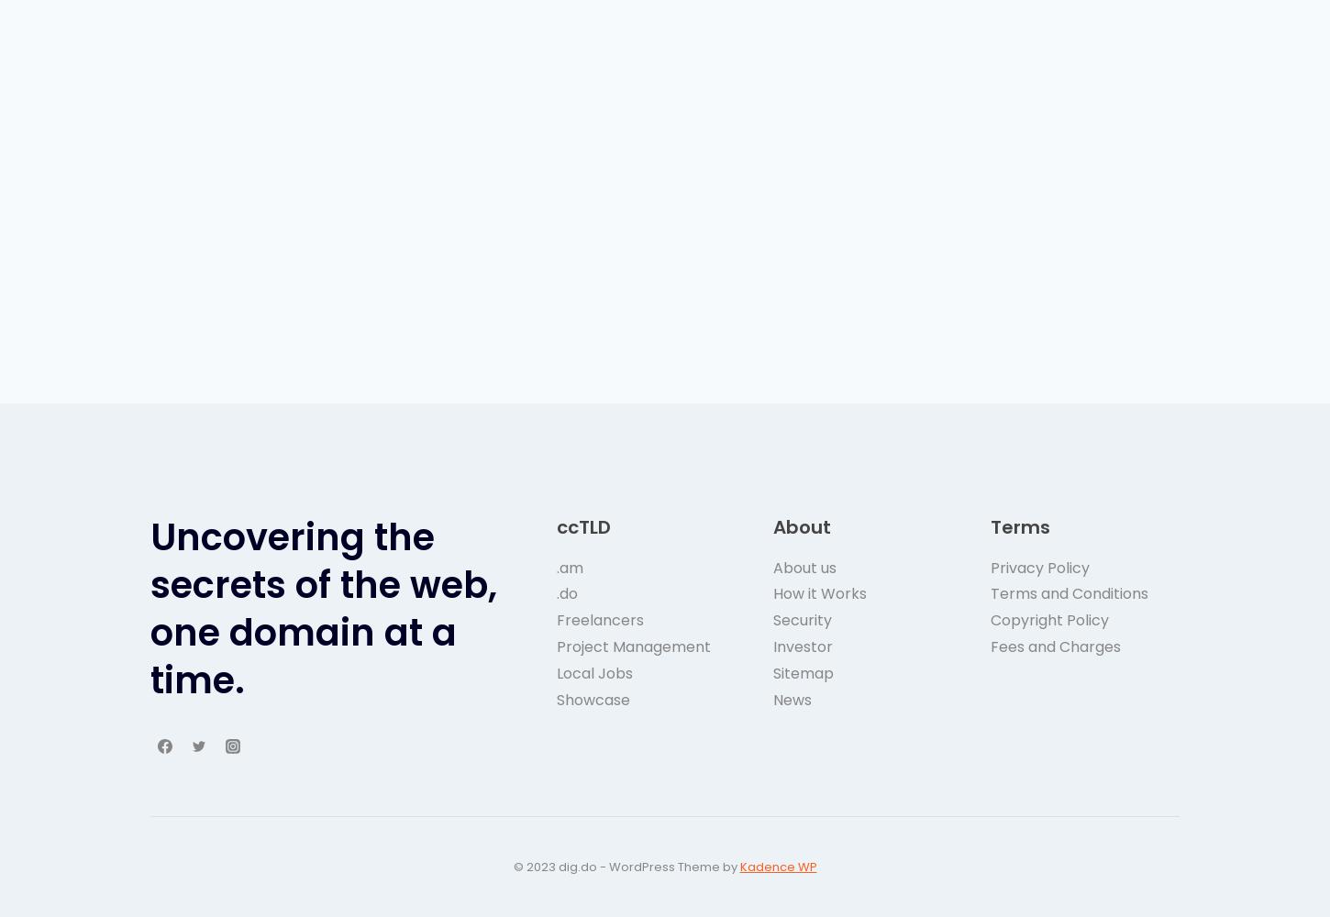 This screenshot has width=1330, height=917. I want to click on 'Sitemap', so click(802, 671).